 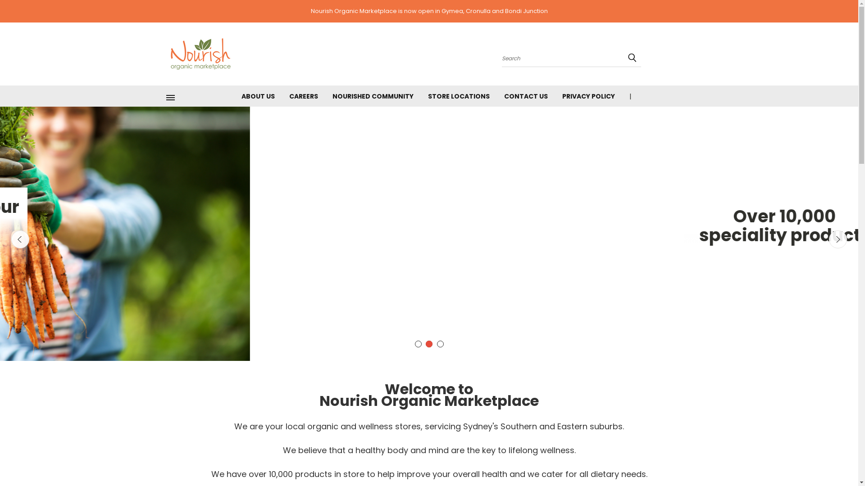 What do you see at coordinates (588, 95) in the screenshot?
I see `'PRIVACY POLICY'` at bounding box center [588, 95].